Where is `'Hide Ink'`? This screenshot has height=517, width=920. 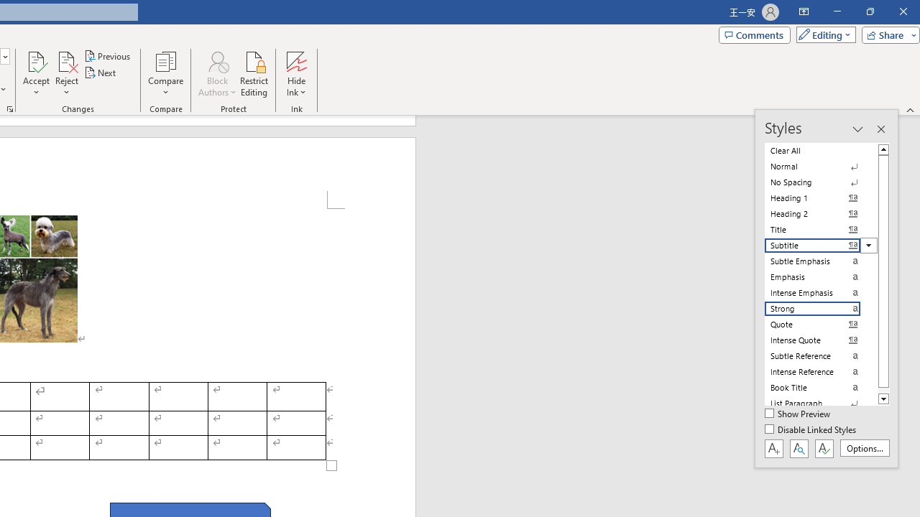 'Hide Ink' is located at coordinates (295, 60).